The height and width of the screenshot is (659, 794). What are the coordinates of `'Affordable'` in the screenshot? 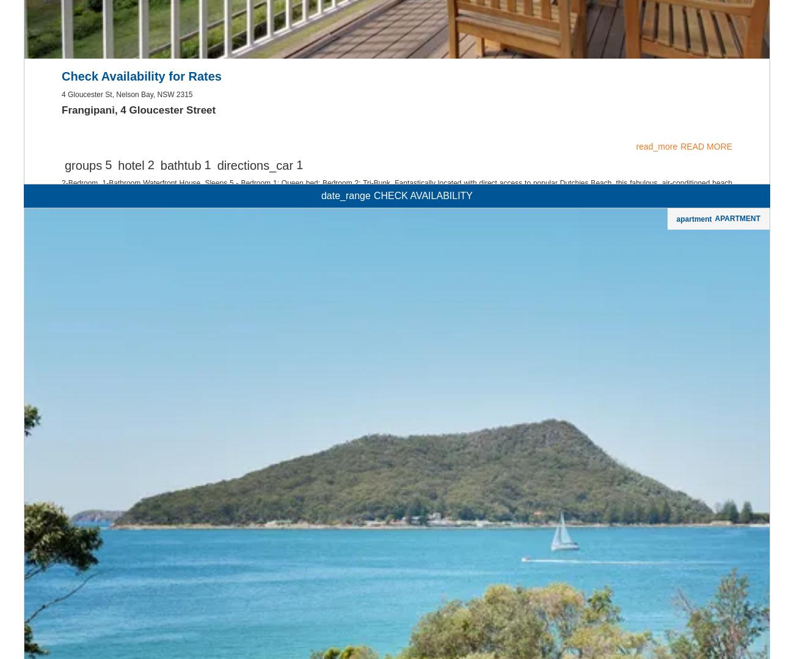 It's located at (59, 25).